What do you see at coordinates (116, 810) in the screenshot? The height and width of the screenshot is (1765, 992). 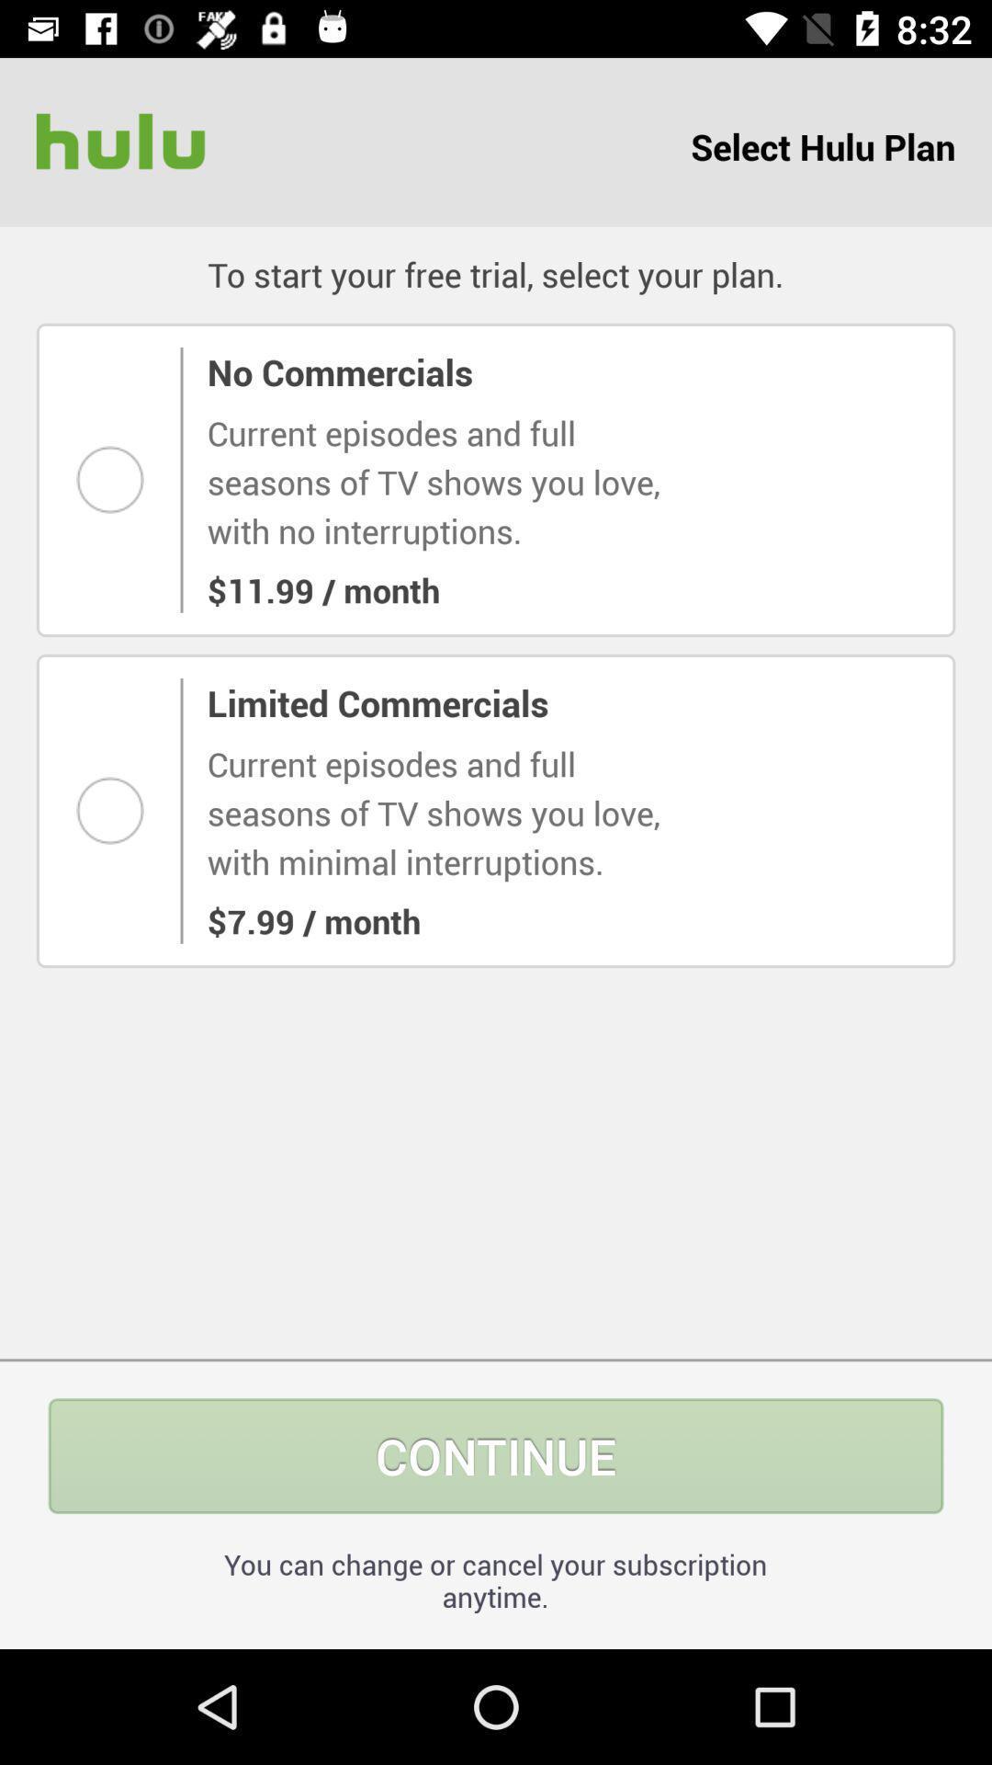 I see `this option` at bounding box center [116, 810].